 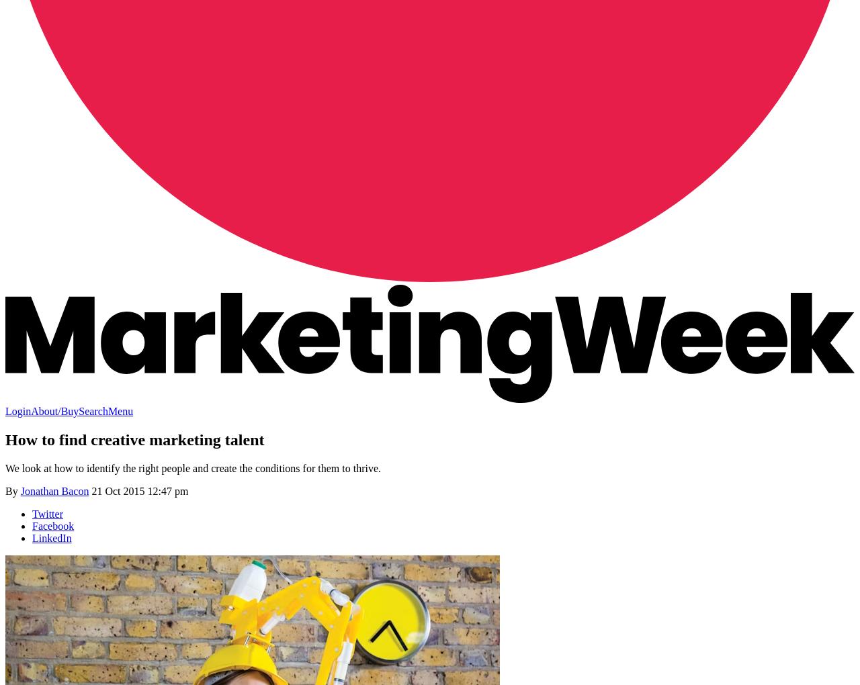 What do you see at coordinates (120, 410) in the screenshot?
I see `'Menu'` at bounding box center [120, 410].